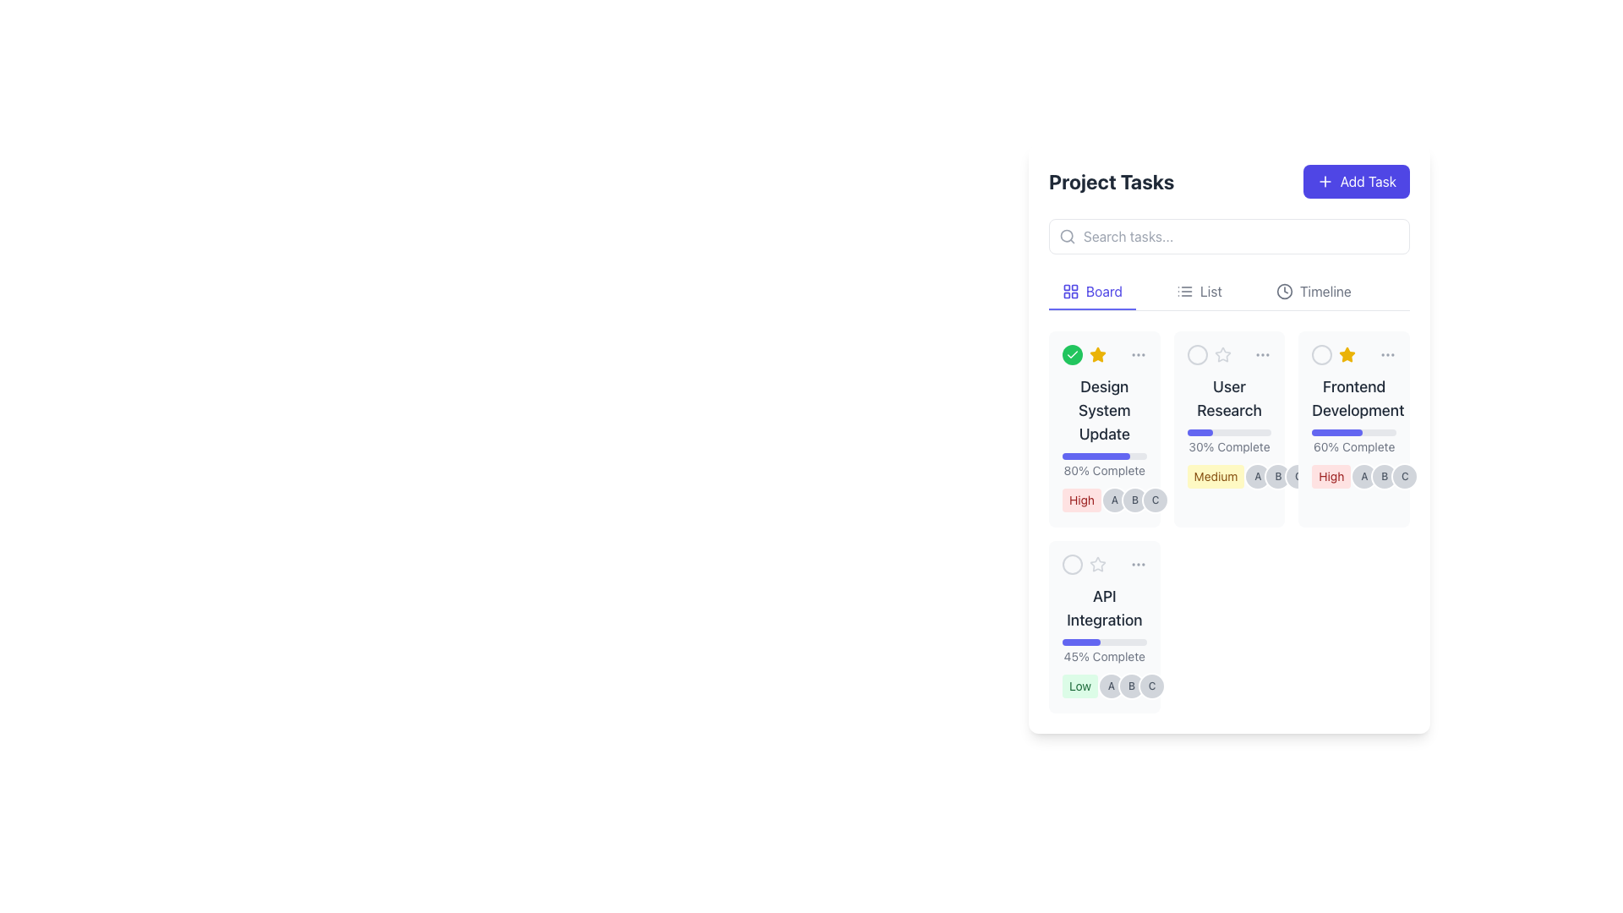  I want to click on the static text label displaying 'User Research', which is styled in bold, large font and centered on the second card in a horizontal row, so click(1229, 398).